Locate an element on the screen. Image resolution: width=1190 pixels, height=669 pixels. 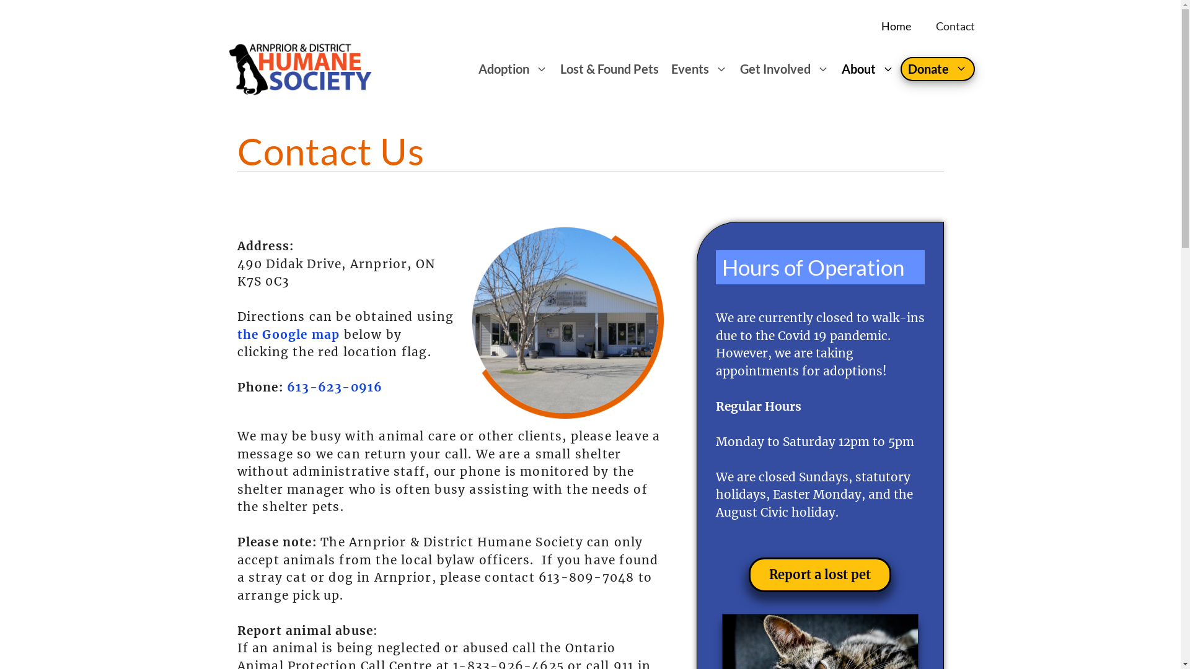
'613-623-0916' is located at coordinates (334, 386).